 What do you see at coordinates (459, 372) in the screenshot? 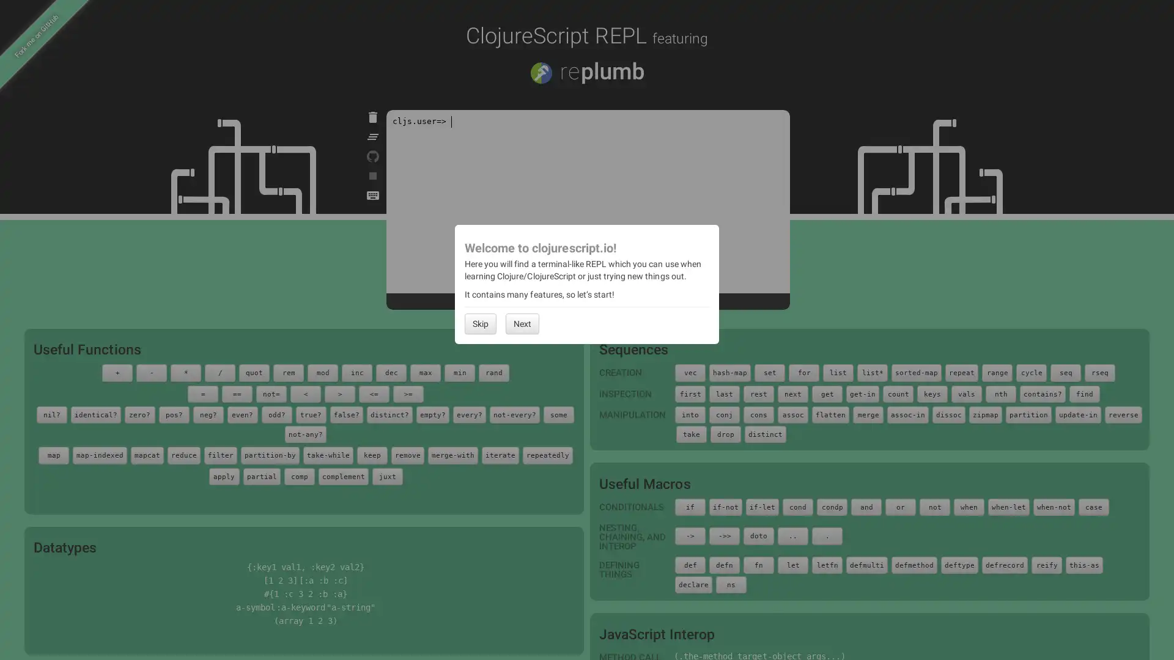
I see `min` at bounding box center [459, 372].